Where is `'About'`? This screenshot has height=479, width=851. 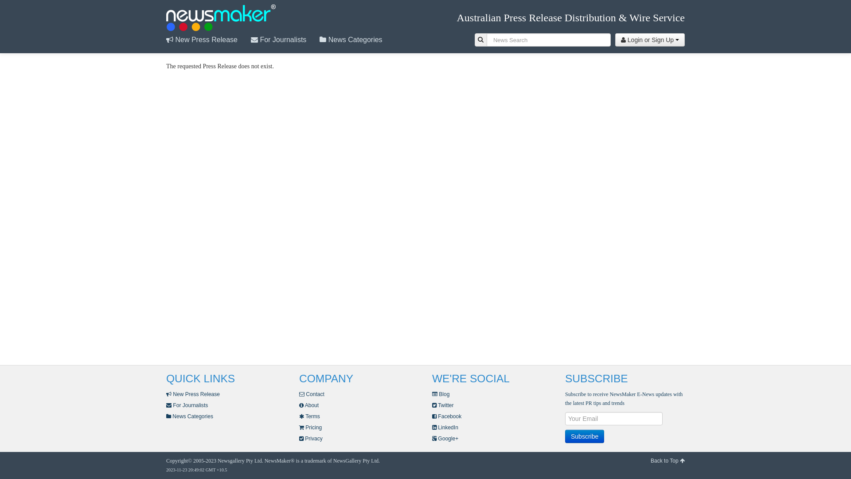 'About' is located at coordinates (308, 405).